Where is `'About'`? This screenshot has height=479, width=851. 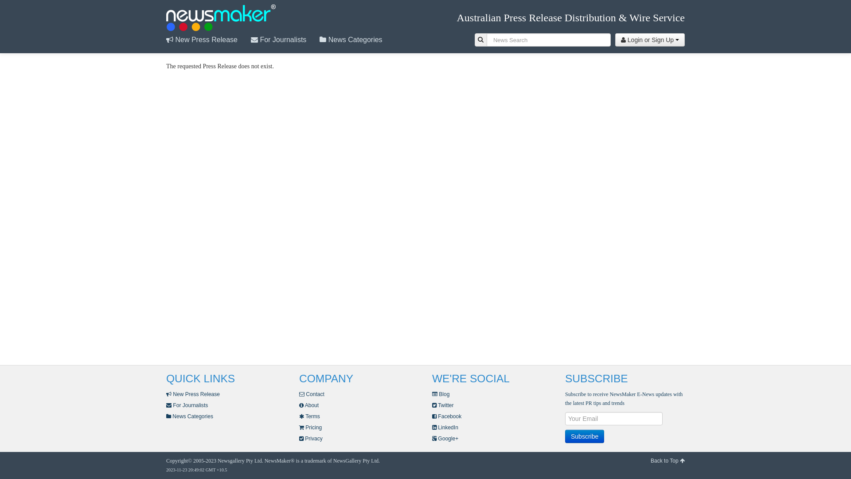 'About' is located at coordinates (308, 405).